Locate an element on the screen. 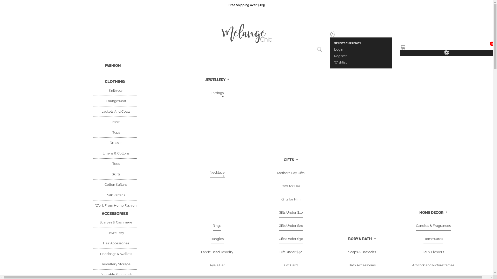  'Rings' is located at coordinates (213, 226).